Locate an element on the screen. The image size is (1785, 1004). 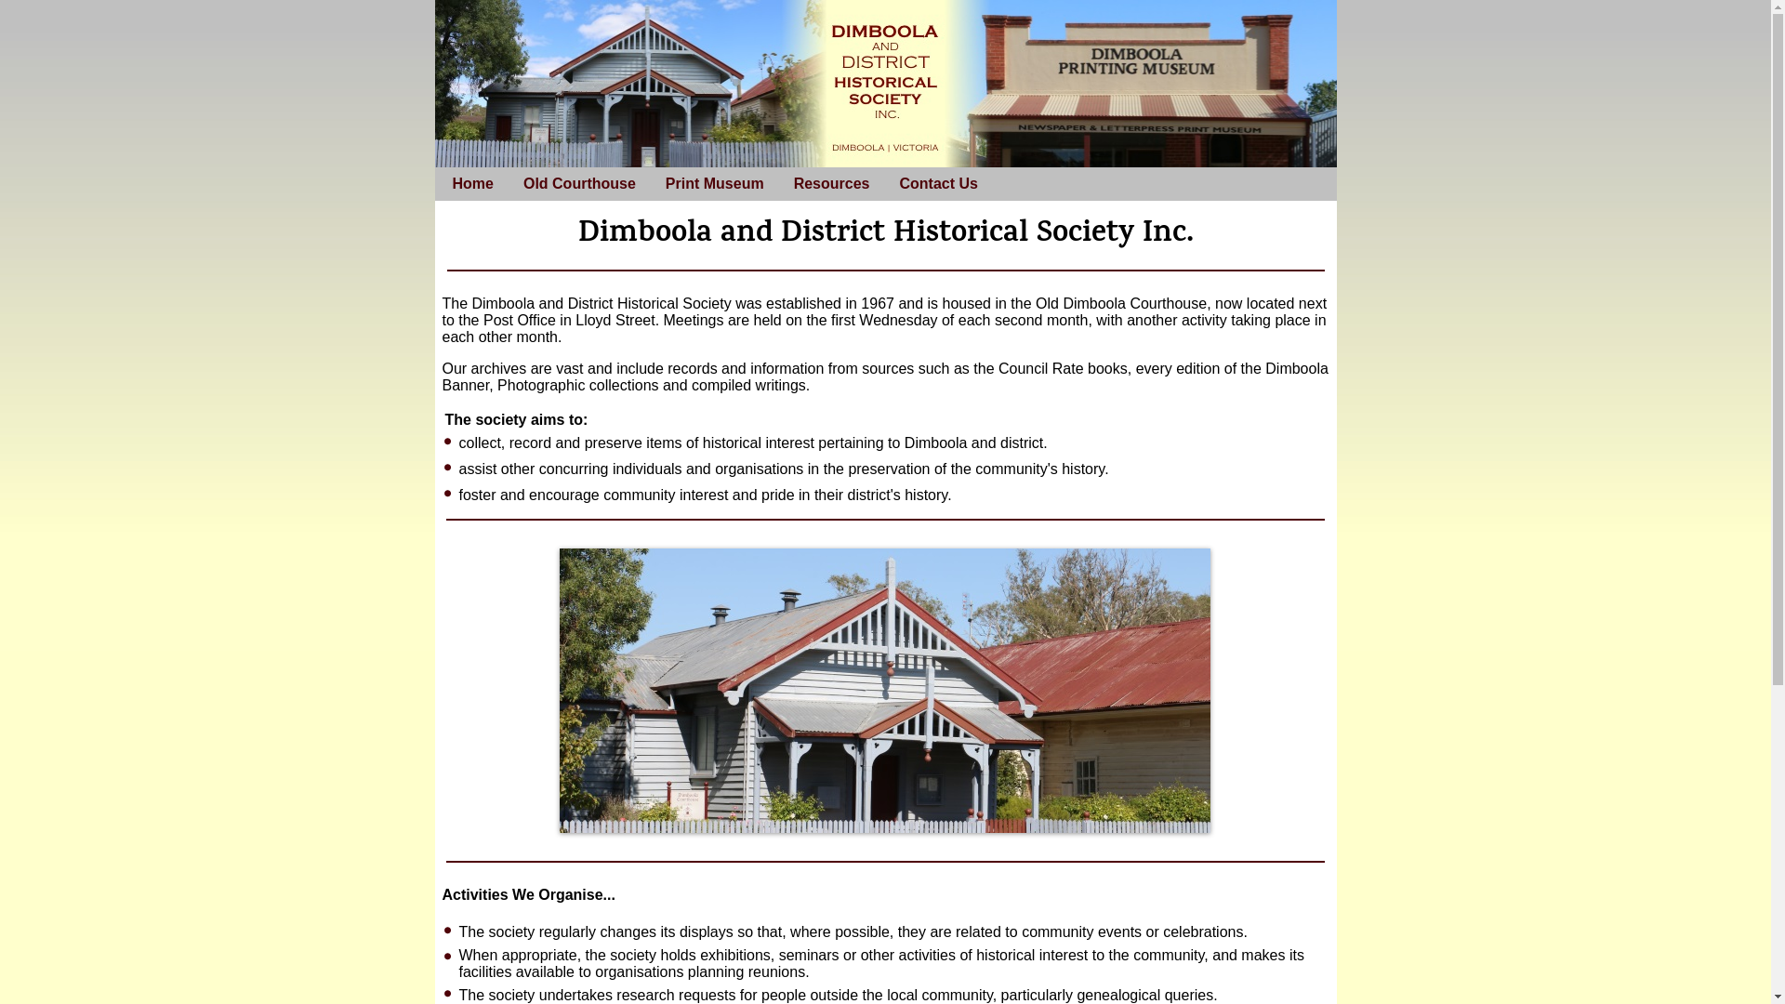
'Contact Us' is located at coordinates (937, 183).